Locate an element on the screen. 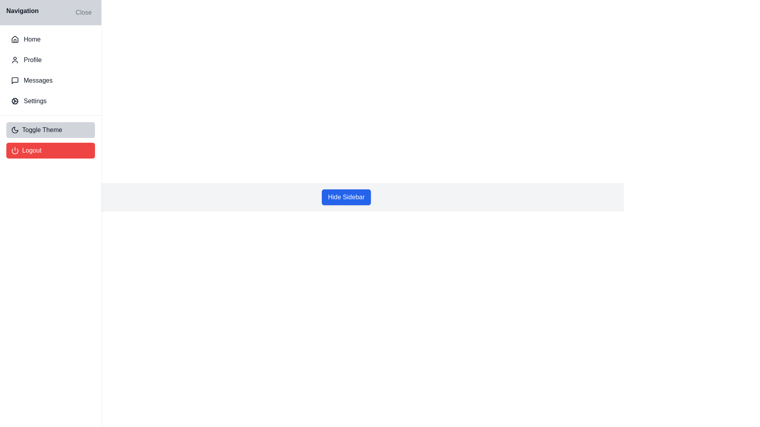 This screenshot has height=427, width=760. the simplistic house icon located at the top of the sidebar navigation menu, immediately to the left of the 'Home' label is located at coordinates (15, 39).